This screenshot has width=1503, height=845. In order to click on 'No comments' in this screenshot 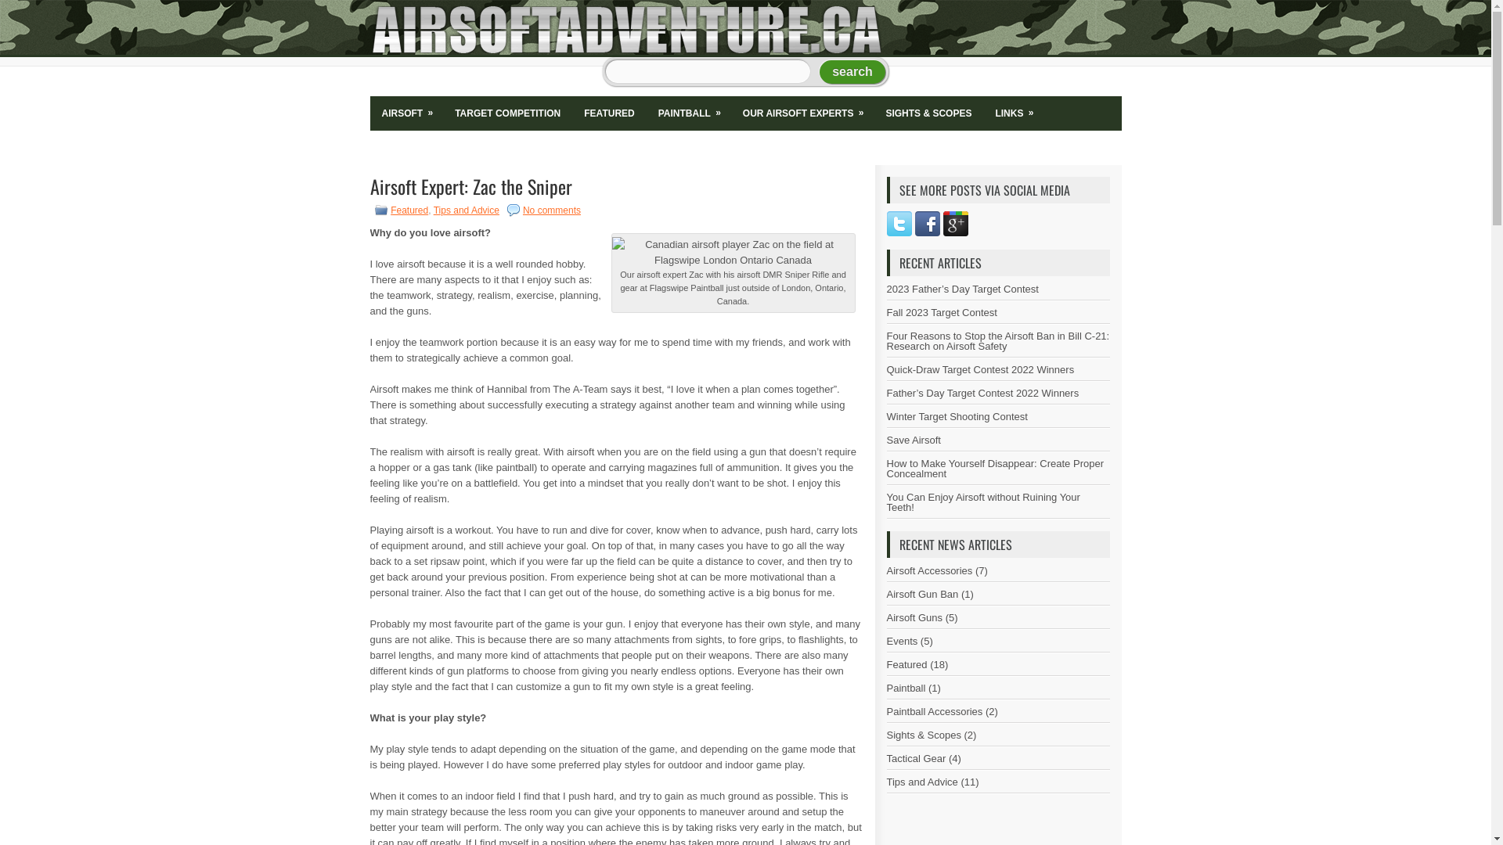, I will do `click(552, 210)`.